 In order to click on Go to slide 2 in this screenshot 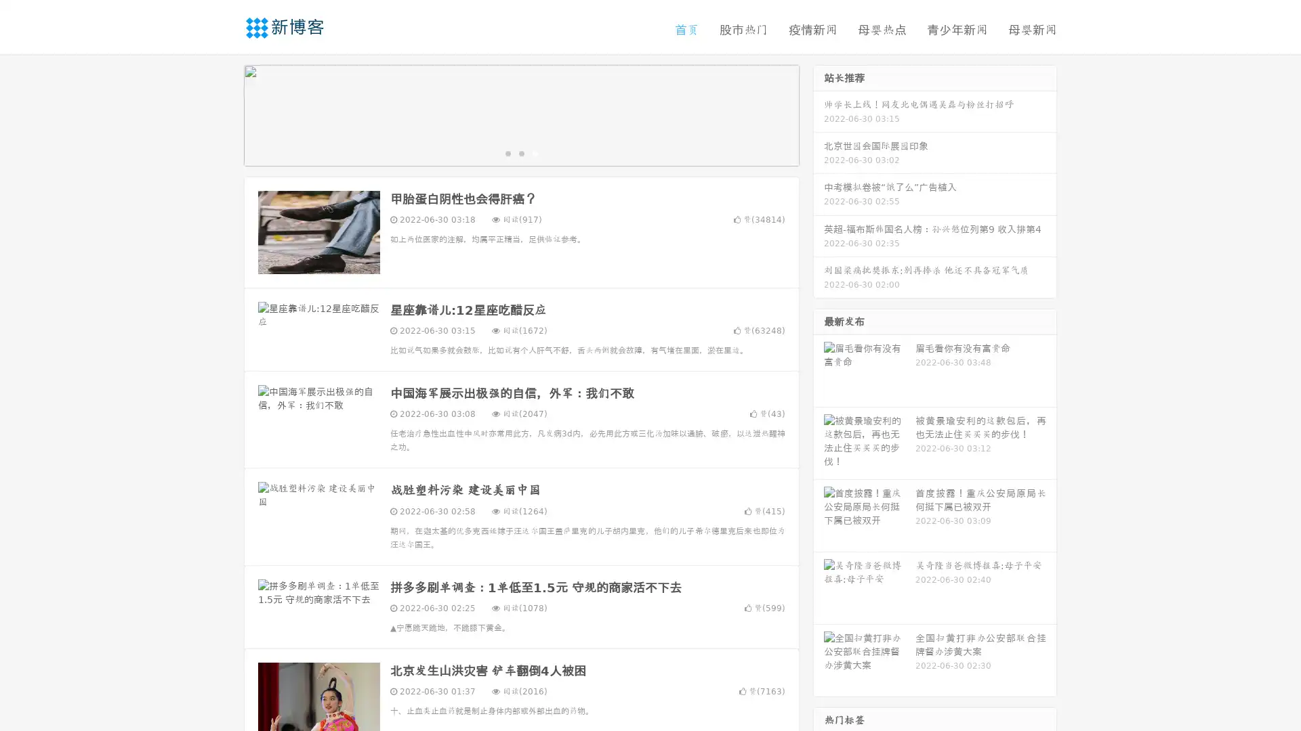, I will do `click(520, 152)`.